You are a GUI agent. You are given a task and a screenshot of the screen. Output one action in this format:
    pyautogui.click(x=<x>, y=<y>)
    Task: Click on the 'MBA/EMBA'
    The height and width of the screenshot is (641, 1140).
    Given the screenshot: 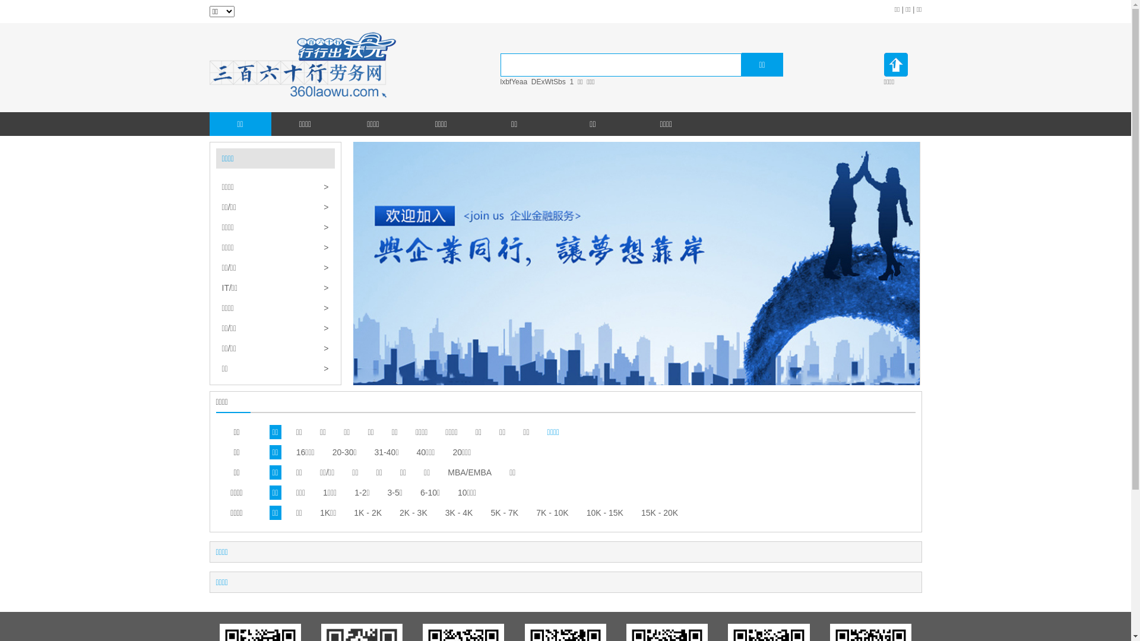 What is the action you would take?
    pyautogui.click(x=469, y=471)
    